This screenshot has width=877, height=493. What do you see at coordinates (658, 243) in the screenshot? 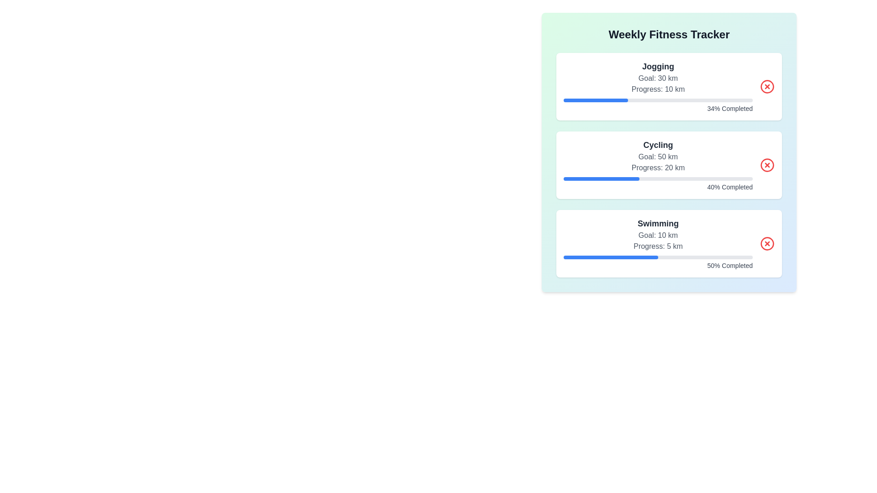
I see `the 'Swimming' progress card in the fitness tracker interface` at bounding box center [658, 243].